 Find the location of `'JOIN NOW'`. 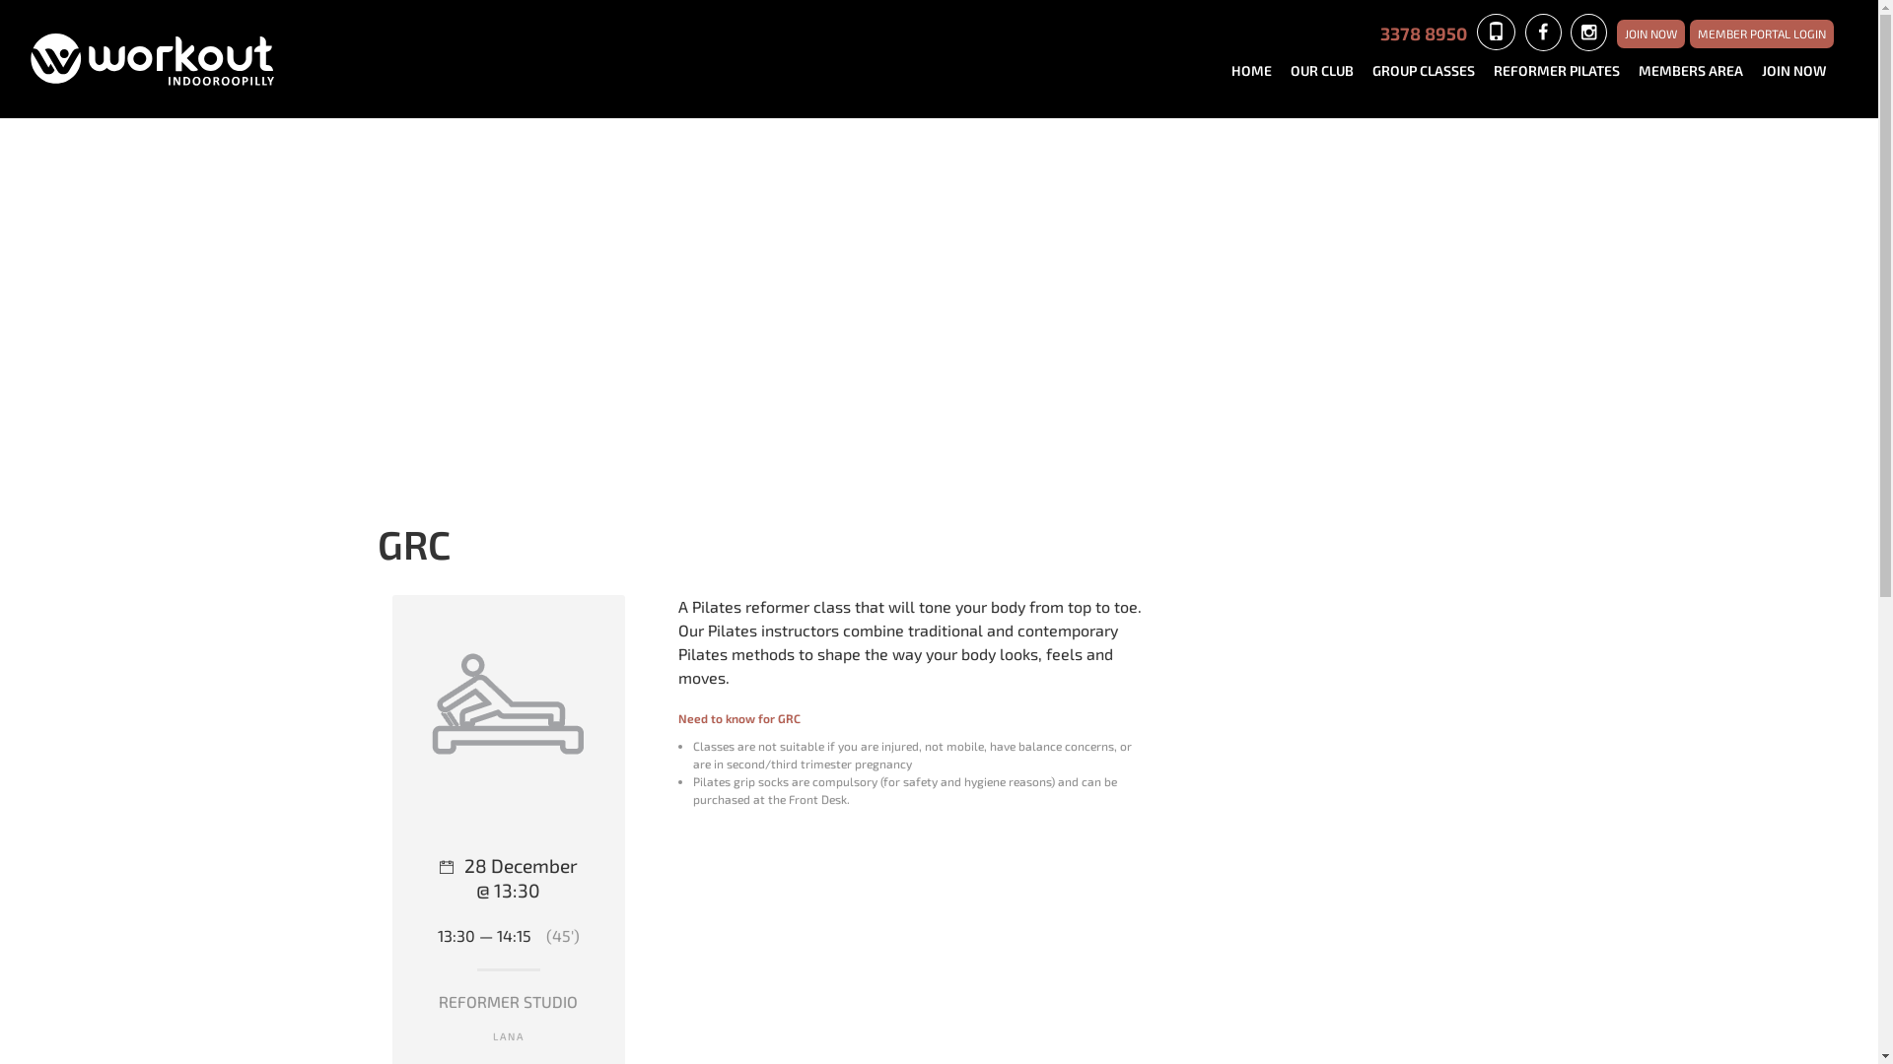

'JOIN NOW' is located at coordinates (1650, 33).